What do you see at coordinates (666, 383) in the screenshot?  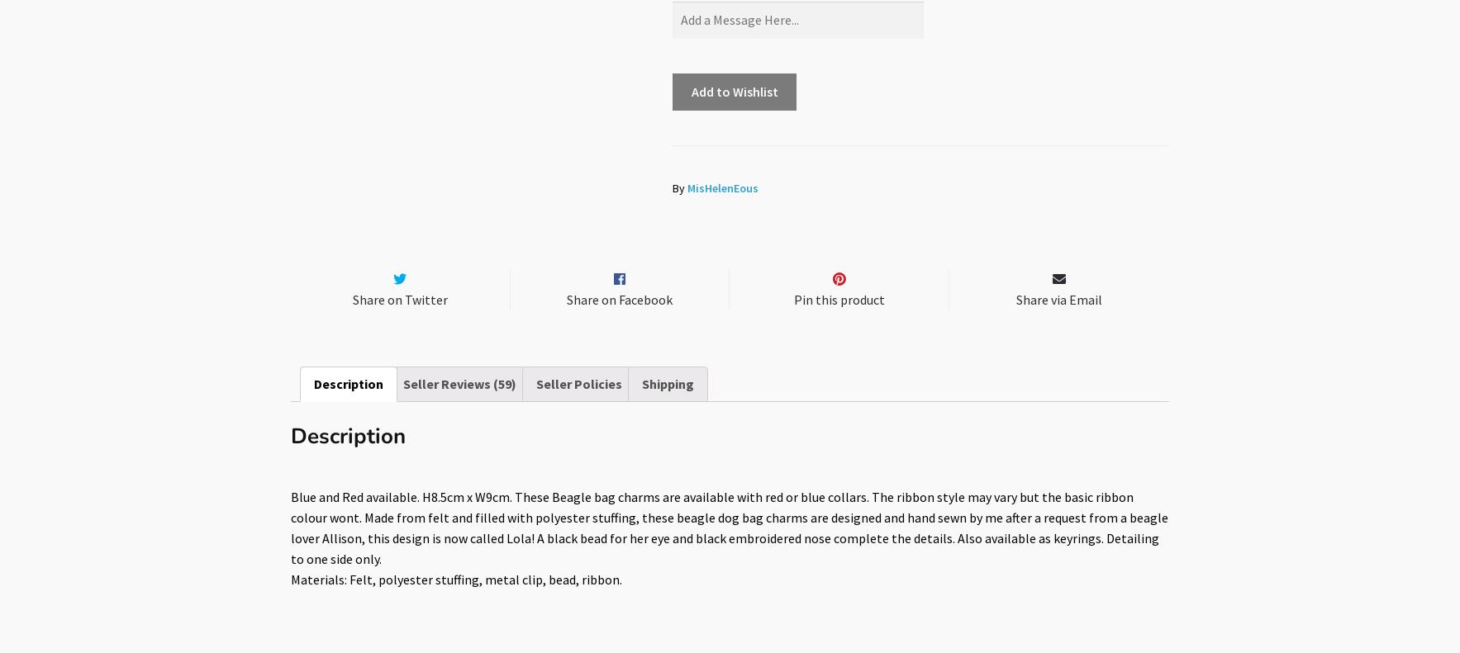 I see `'Shipping'` at bounding box center [666, 383].